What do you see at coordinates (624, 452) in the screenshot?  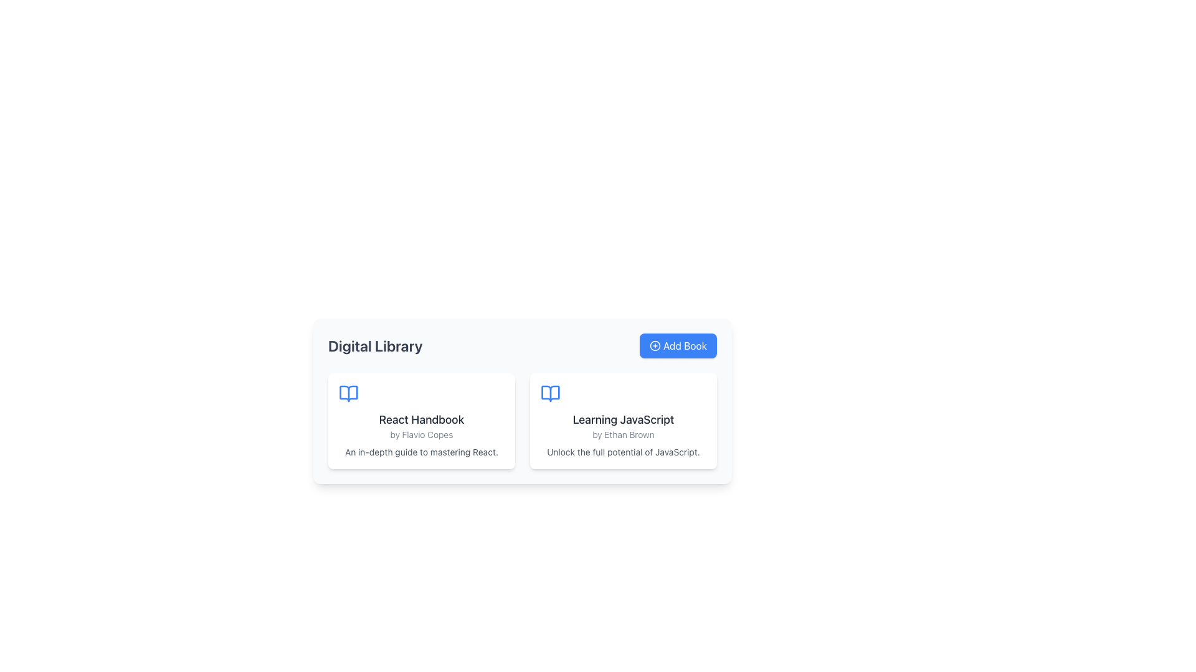 I see `the descriptive text associated with the book titled 'Learning JavaScript' located at the bottom of the card beneath the author's name 'Ethan Brown.'` at bounding box center [624, 452].